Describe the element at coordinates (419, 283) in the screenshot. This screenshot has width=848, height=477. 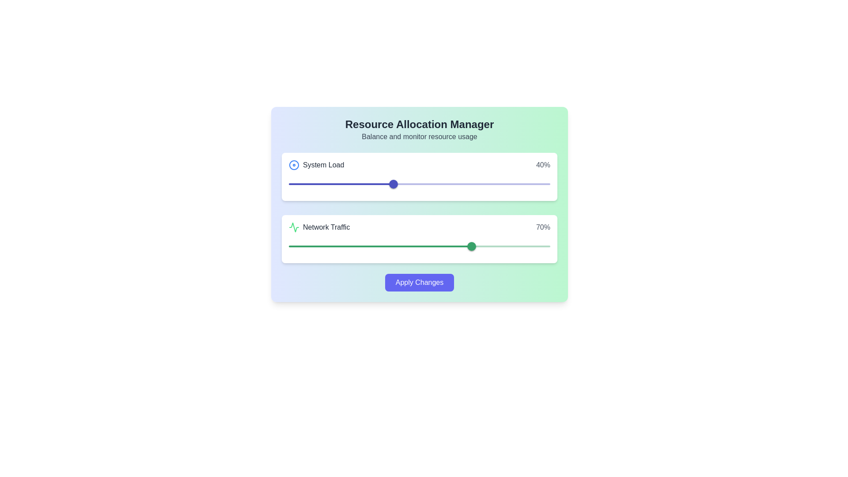
I see `the 'Apply Changes' button, which has a rounded indigo background and white bold text, to observe the visual change in color` at that location.